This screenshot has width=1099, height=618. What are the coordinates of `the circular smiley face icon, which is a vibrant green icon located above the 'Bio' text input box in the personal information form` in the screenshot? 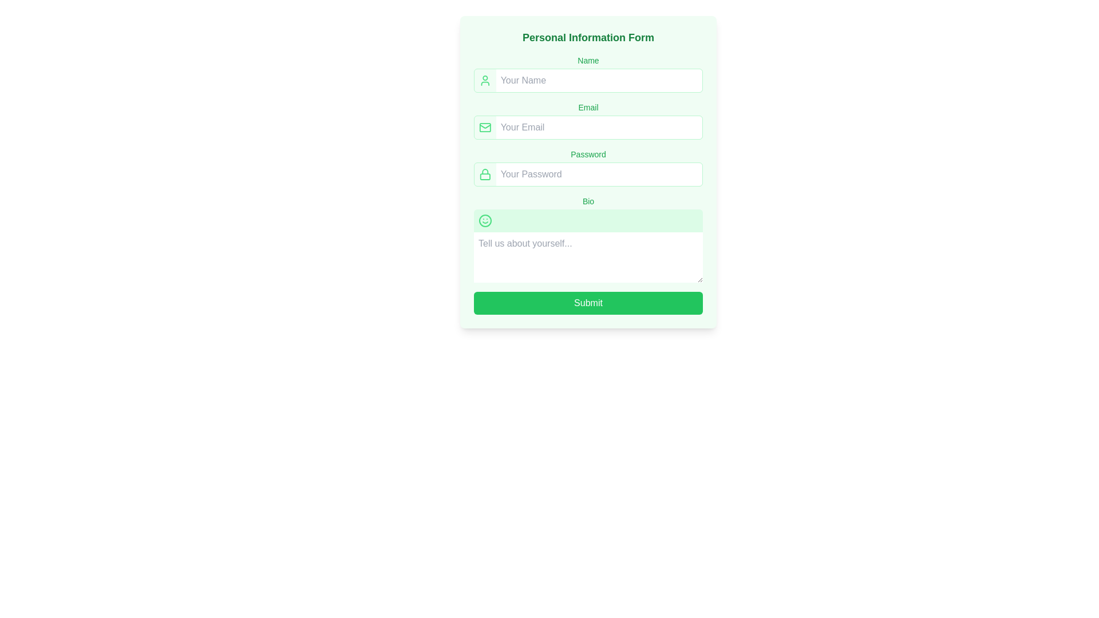 It's located at (485, 220).